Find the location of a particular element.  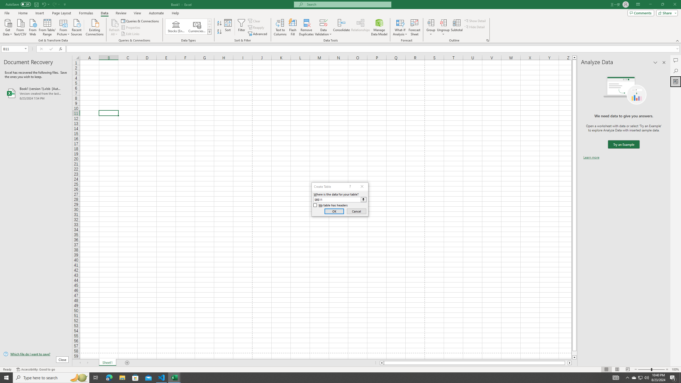

'Review' is located at coordinates (121, 13).